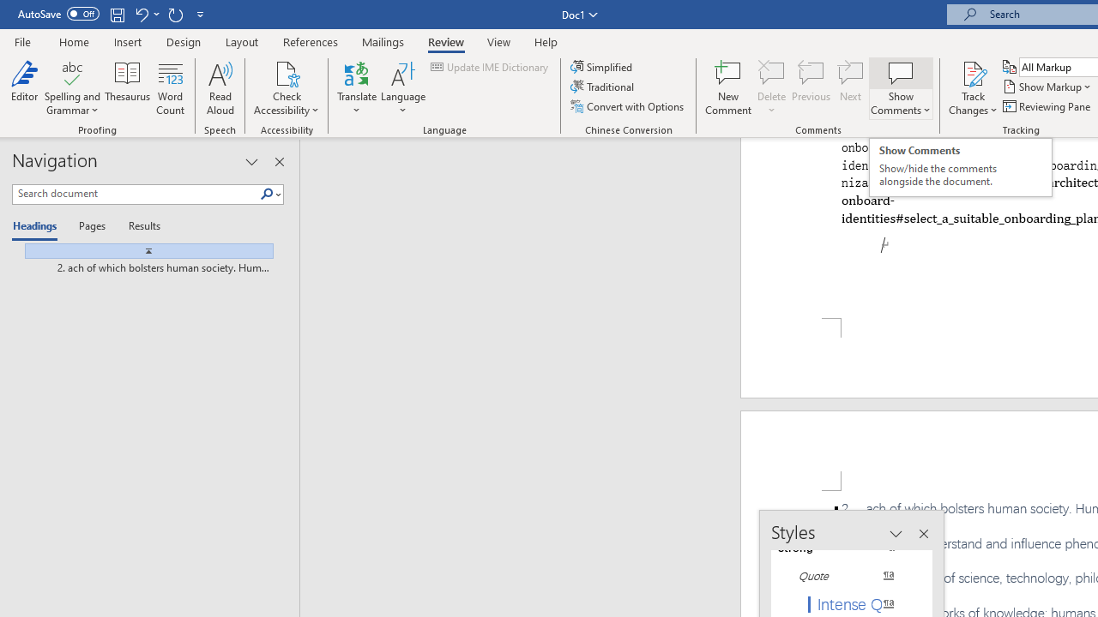 This screenshot has height=617, width=1098. What do you see at coordinates (728, 88) in the screenshot?
I see `'New Comment'` at bounding box center [728, 88].